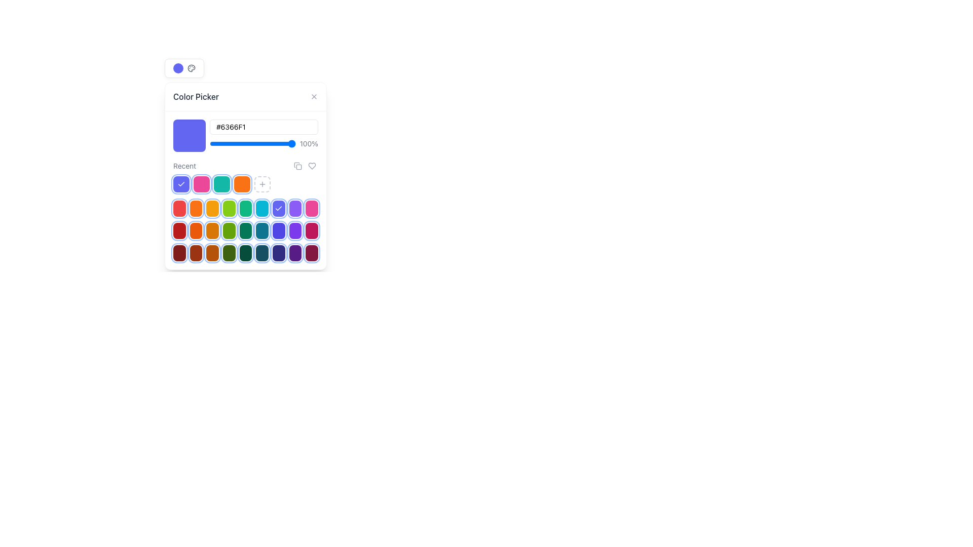 Image resolution: width=973 pixels, height=547 pixels. What do you see at coordinates (179, 208) in the screenshot?
I see `on the first color selection button representing the red color (#EF4444) in the color picker tool` at bounding box center [179, 208].